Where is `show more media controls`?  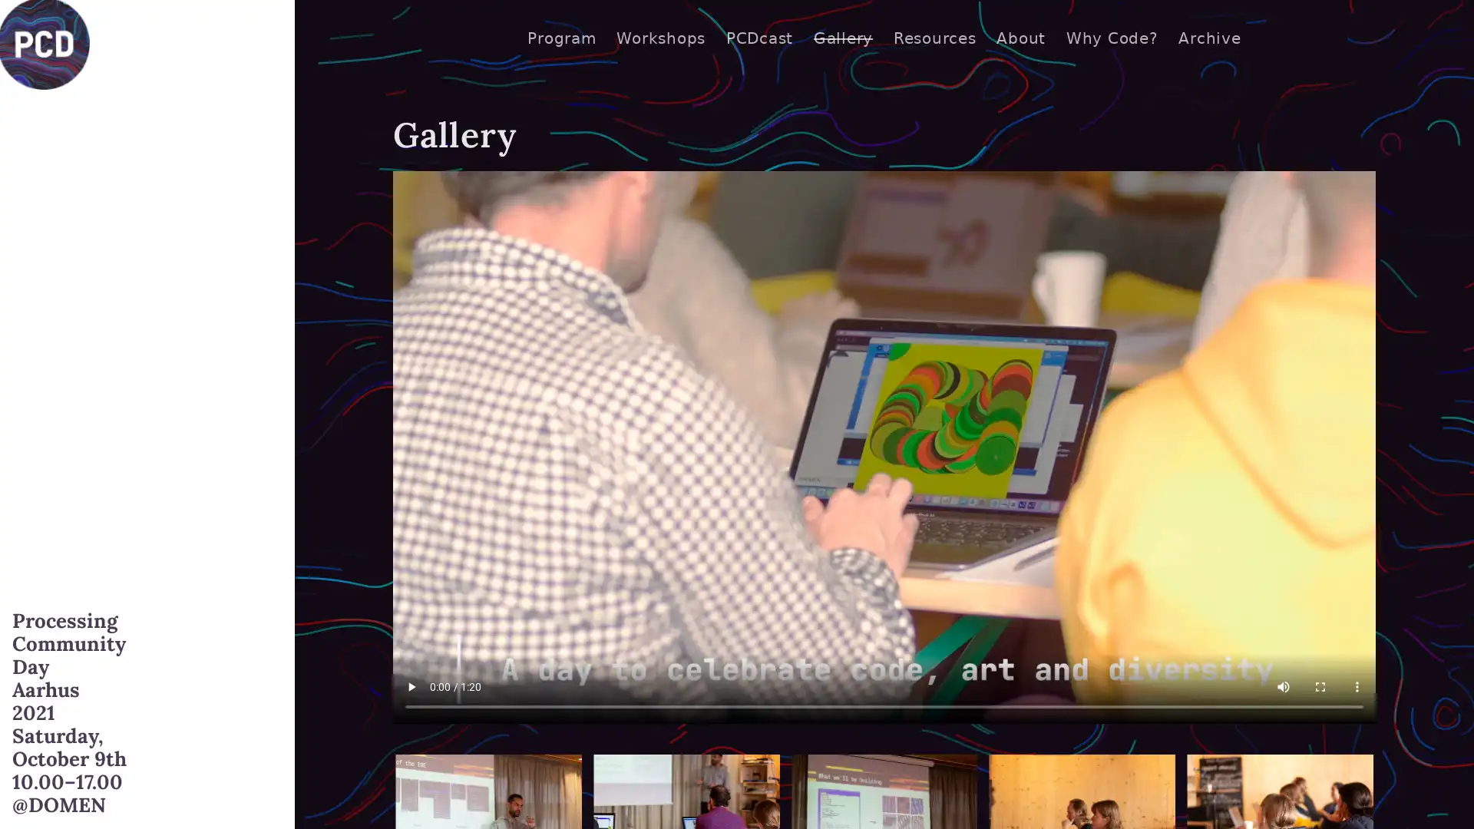
show more media controls is located at coordinates (1357, 685).